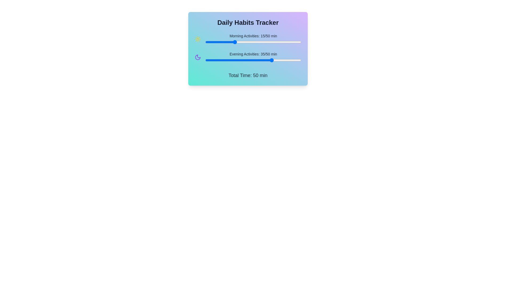 The image size is (512, 288). I want to click on the morning activities slider, so click(232, 42).